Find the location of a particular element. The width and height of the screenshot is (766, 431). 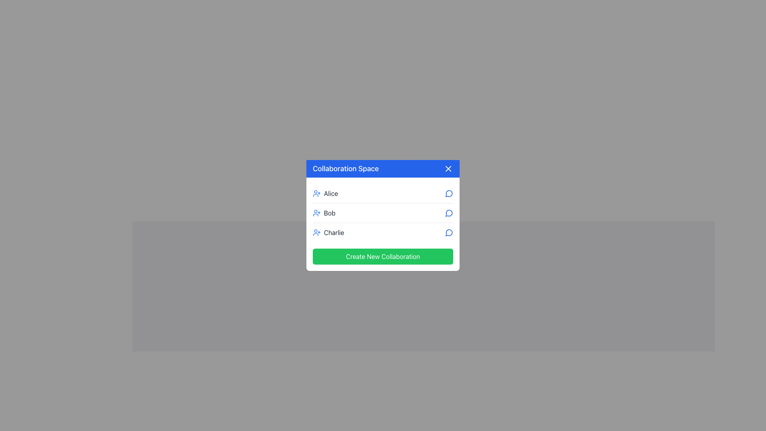

the interactive icon to initiate a chat or message with user 'Alice', located to the right of the text label 'Alice' in the top row of the vertical list is located at coordinates (449, 194).